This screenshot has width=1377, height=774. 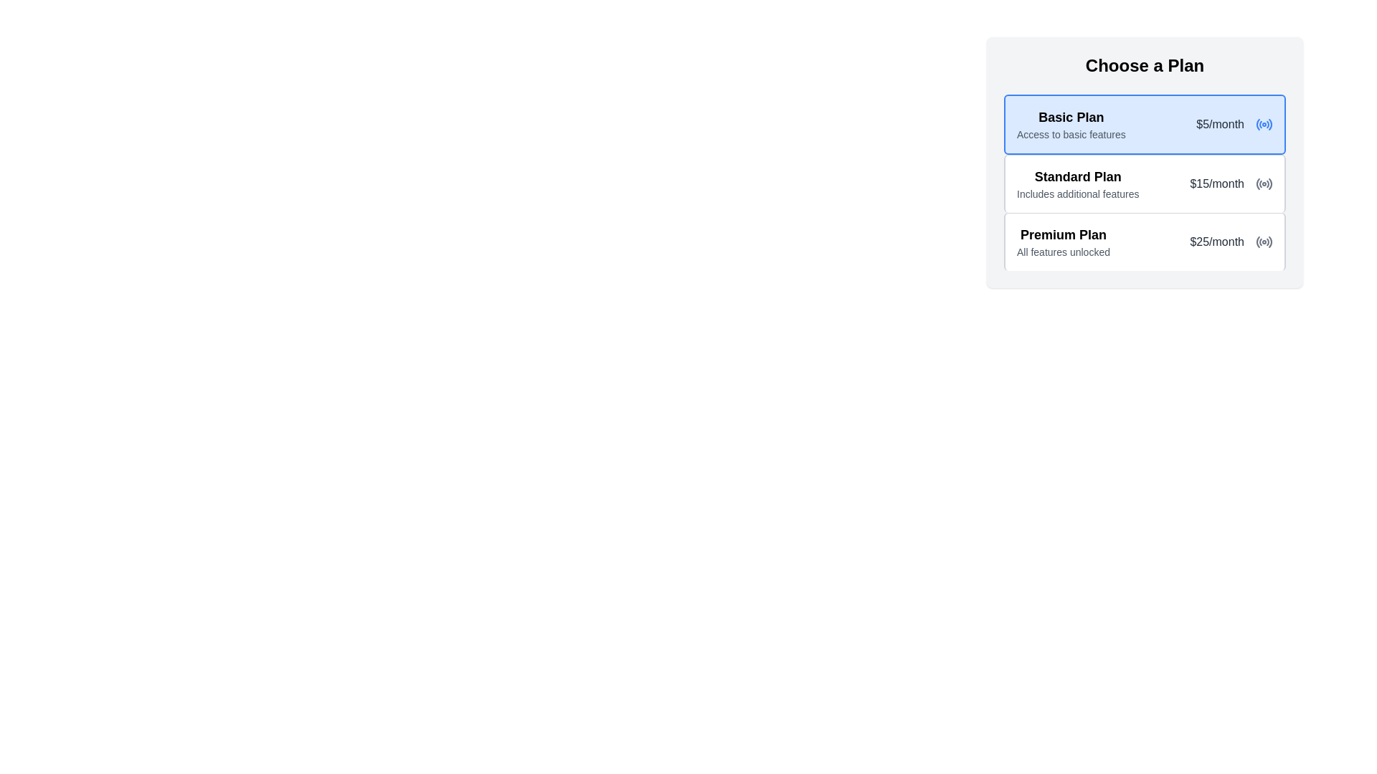 What do you see at coordinates (1234, 123) in the screenshot?
I see `pricing information displayed in the Text Label adjacent to the 'Basic Plan' box` at bounding box center [1234, 123].